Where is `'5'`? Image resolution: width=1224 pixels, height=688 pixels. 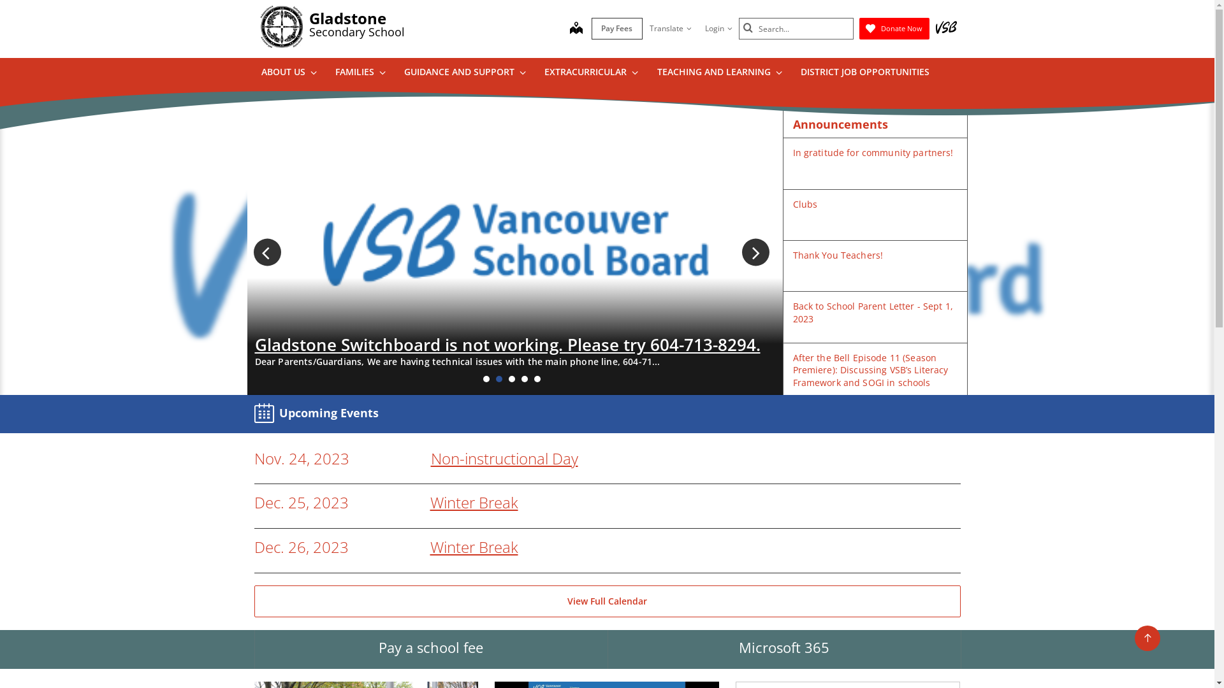
'5' is located at coordinates (537, 378).